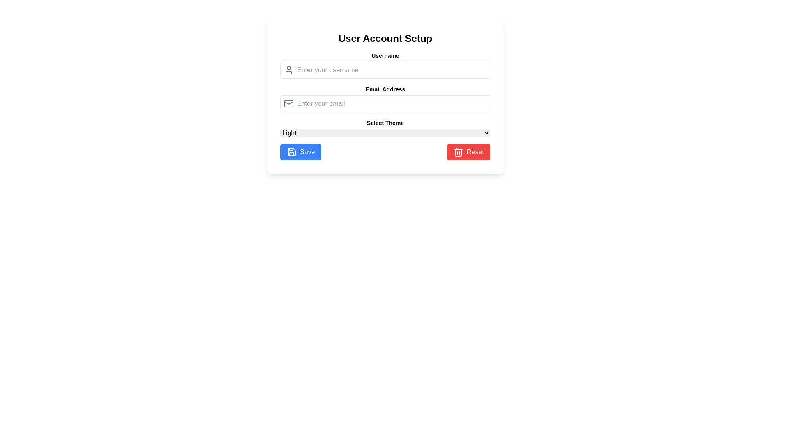 This screenshot has width=788, height=443. What do you see at coordinates (385, 89) in the screenshot?
I see `text from the 'Email Address' label, which is a bold, small font styled label located centrally above the email input field` at bounding box center [385, 89].